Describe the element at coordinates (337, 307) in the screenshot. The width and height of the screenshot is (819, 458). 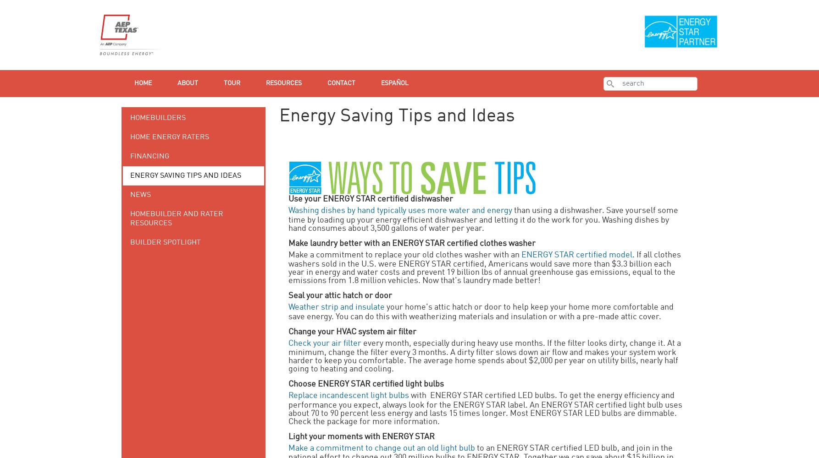
I see `'Weather strip and insulate'` at that location.